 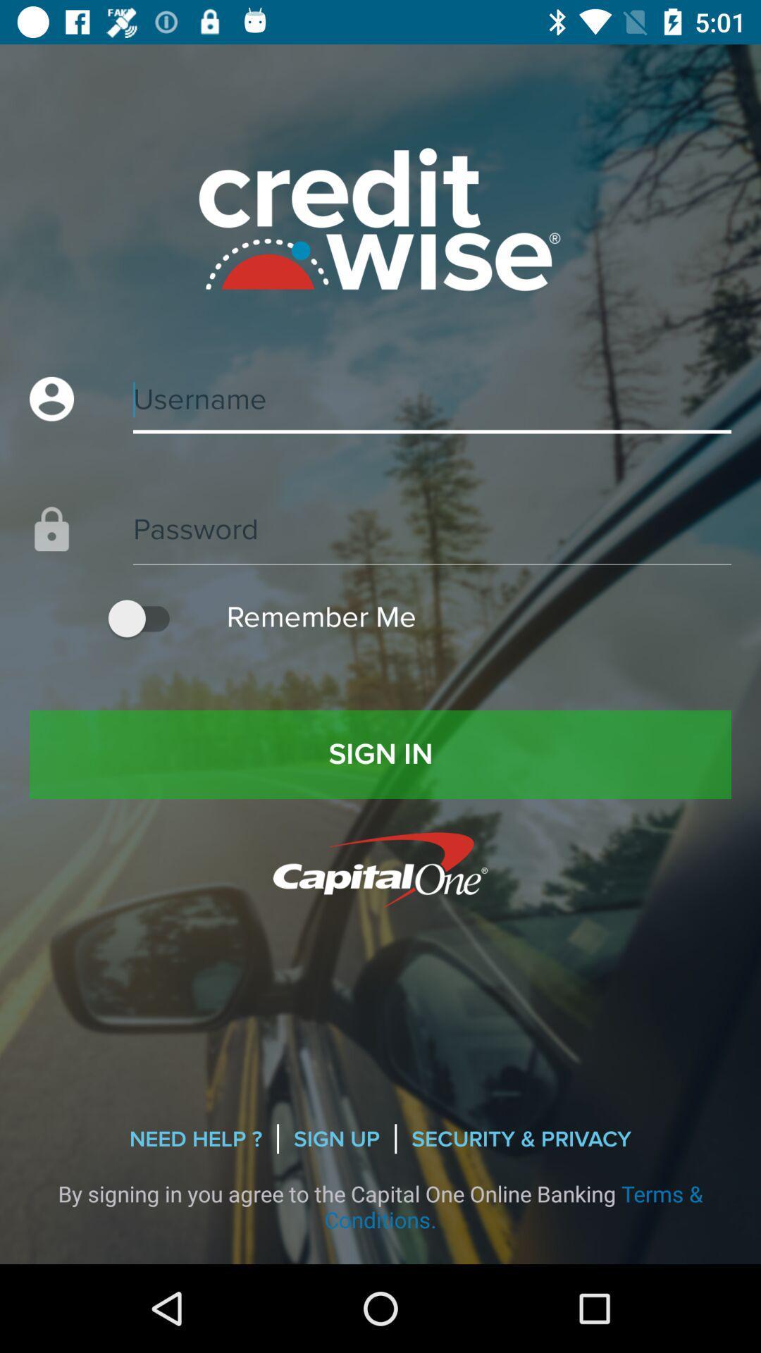 What do you see at coordinates (380, 1206) in the screenshot?
I see `by signing in item` at bounding box center [380, 1206].